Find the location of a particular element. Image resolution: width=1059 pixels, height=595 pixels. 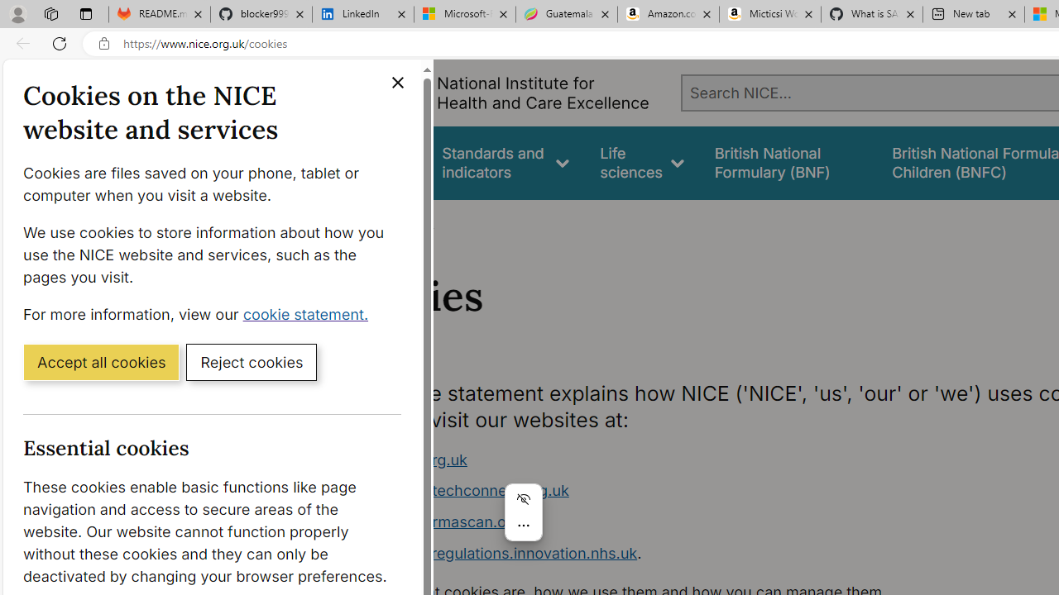

'More actions' is located at coordinates (522, 526).